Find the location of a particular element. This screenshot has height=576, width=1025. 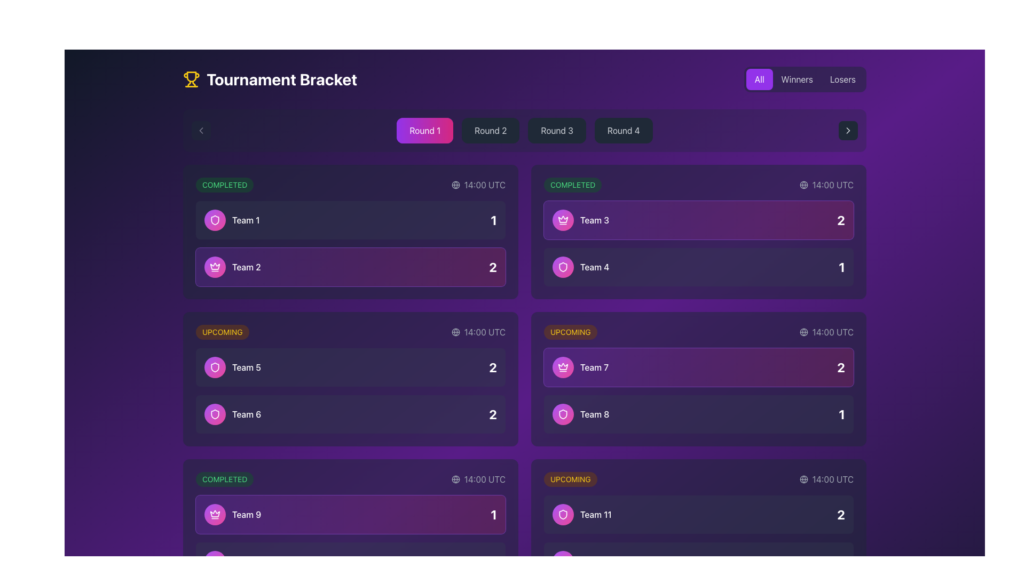

the text label representing 'Team 9' in the tournament bracket to recognize the team being referred to is located at coordinates (246, 514).